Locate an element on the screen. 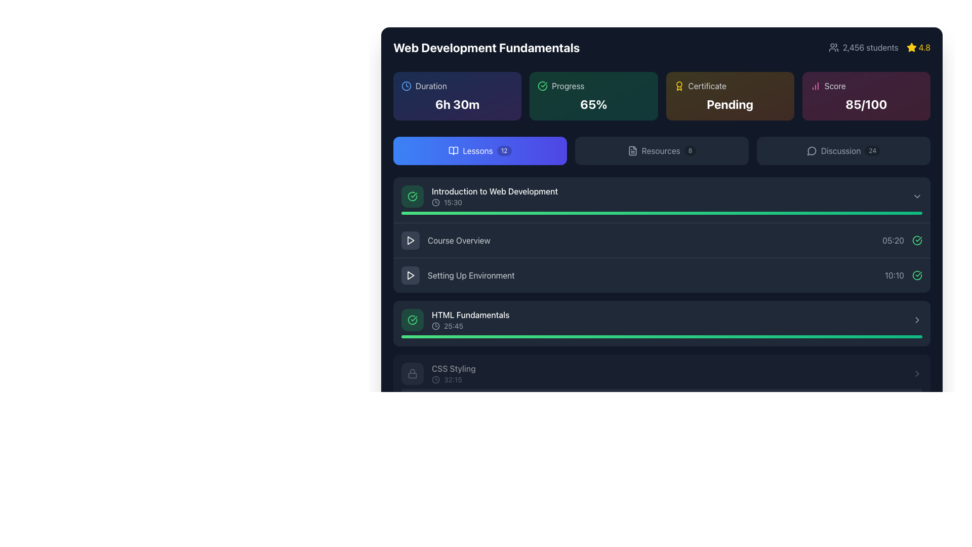 The image size is (972, 547). displayed timestamp from the text label indicating the duration of the 'Introduction to Web Development' lesson, which is positioned to the right of the clock icon and below the item's title text is located at coordinates (453, 203).